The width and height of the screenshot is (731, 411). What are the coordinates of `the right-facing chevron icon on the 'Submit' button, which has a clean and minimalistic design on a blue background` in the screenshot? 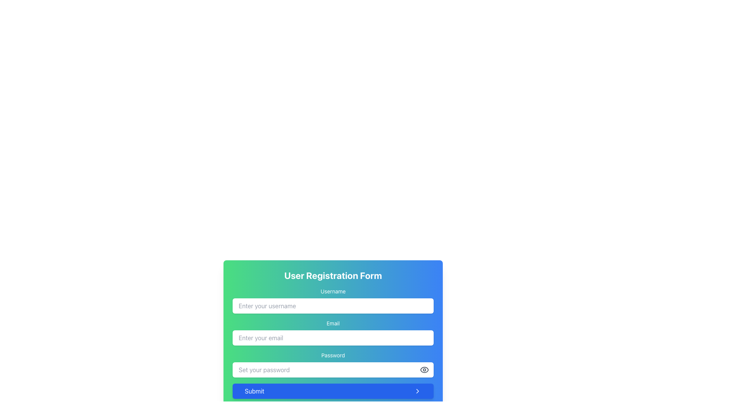 It's located at (417, 391).